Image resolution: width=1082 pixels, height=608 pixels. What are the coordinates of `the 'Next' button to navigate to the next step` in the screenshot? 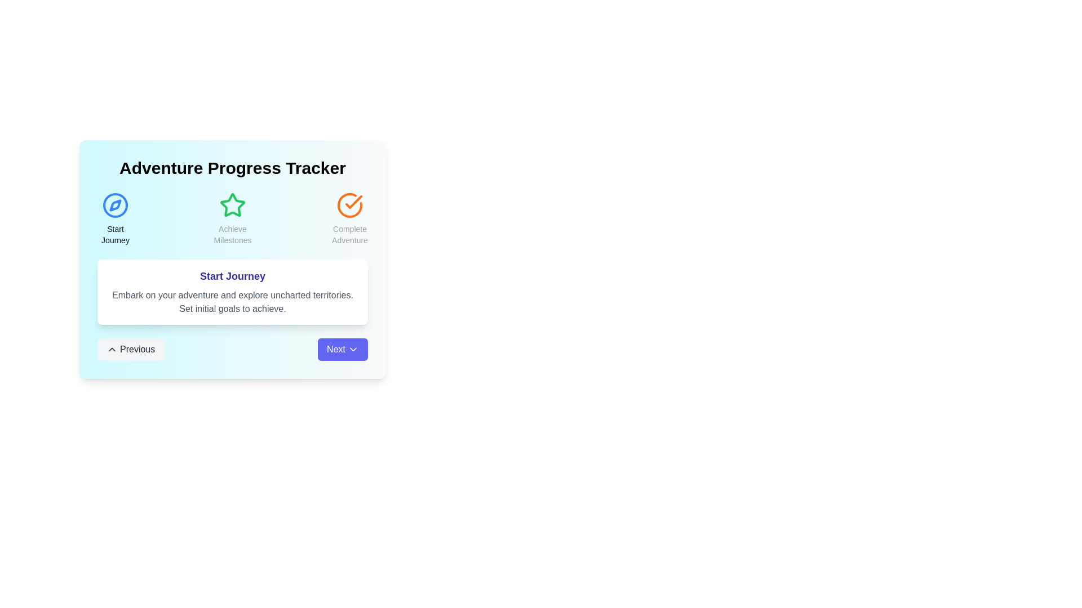 It's located at (342, 349).